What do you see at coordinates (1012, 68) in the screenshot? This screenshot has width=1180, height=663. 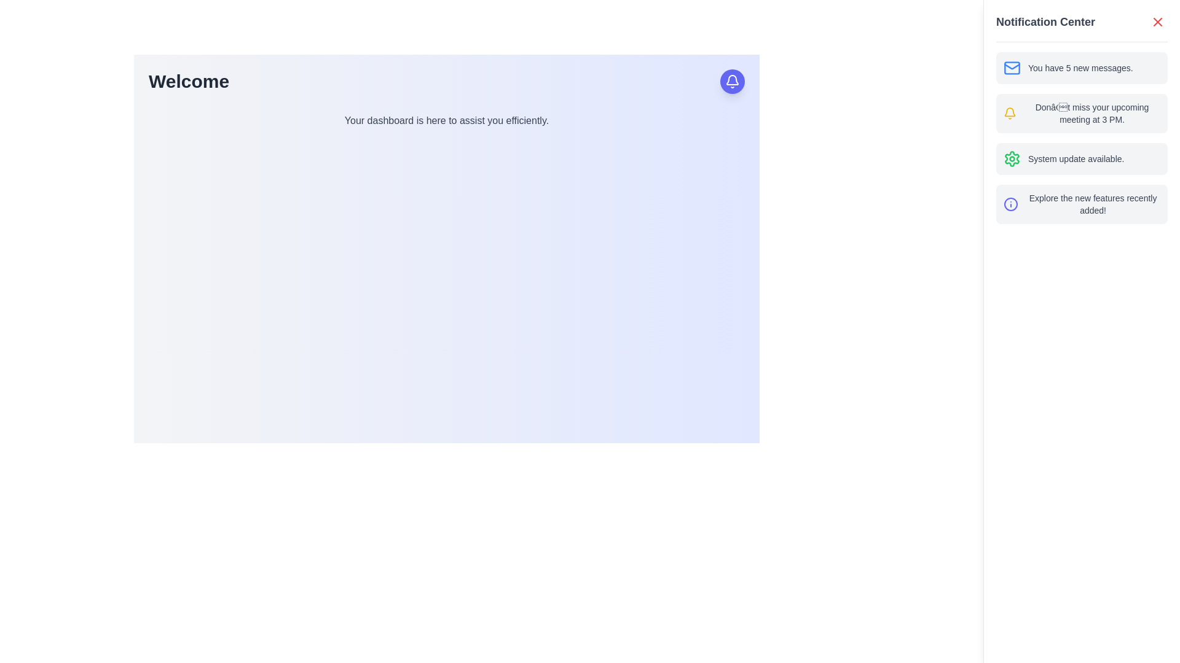 I see `the decorative graphic element that is part of the email icon, located in the top-right corner of the notification panel, adjacent to the text 'You have 5 new messages.'` at bounding box center [1012, 68].